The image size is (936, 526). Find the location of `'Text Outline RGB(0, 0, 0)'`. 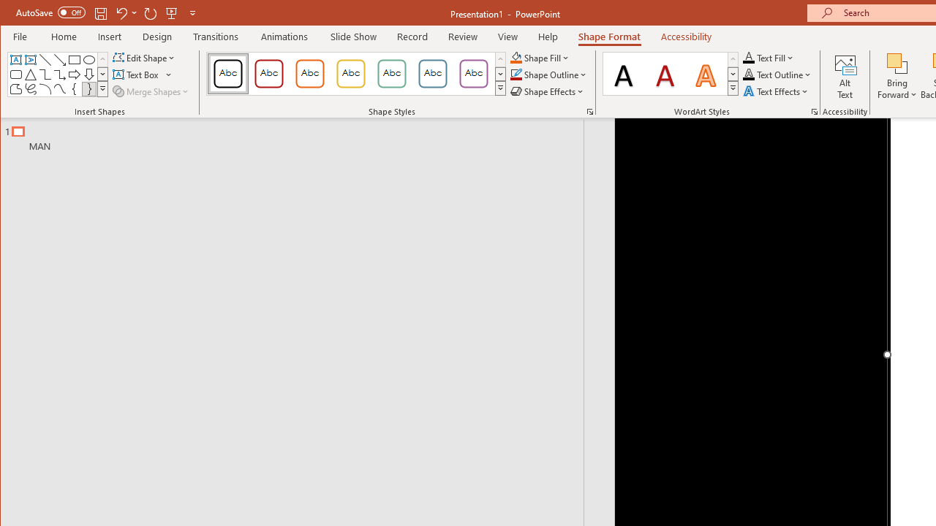

'Text Outline RGB(0, 0, 0)' is located at coordinates (749, 75).